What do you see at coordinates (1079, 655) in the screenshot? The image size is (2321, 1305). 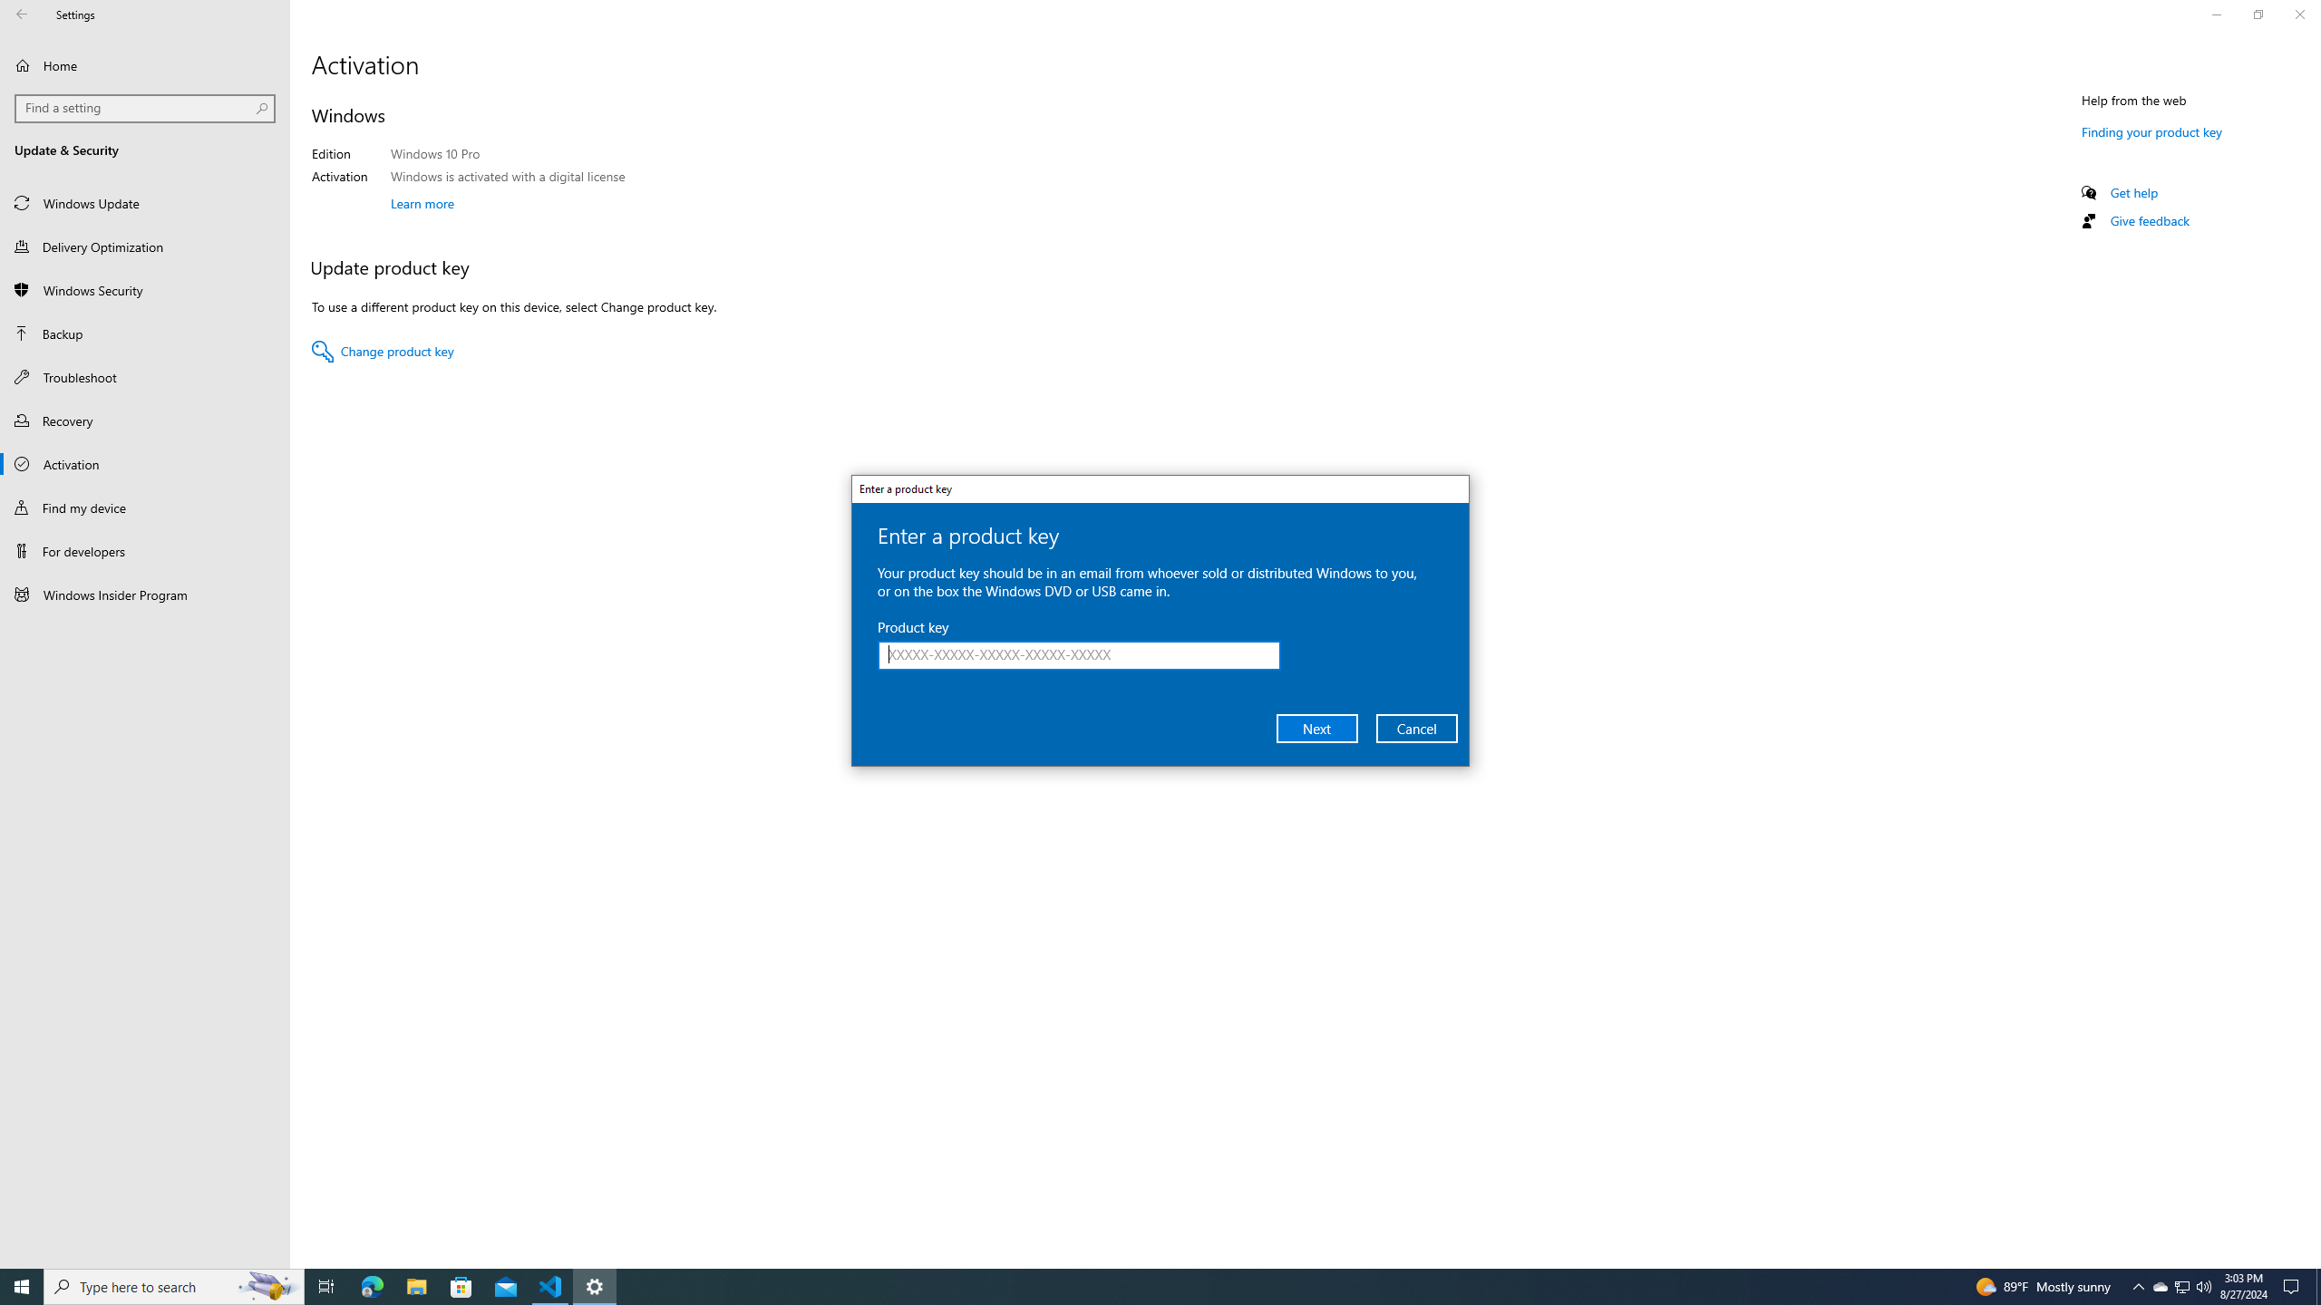 I see `'Product key'` at bounding box center [1079, 655].